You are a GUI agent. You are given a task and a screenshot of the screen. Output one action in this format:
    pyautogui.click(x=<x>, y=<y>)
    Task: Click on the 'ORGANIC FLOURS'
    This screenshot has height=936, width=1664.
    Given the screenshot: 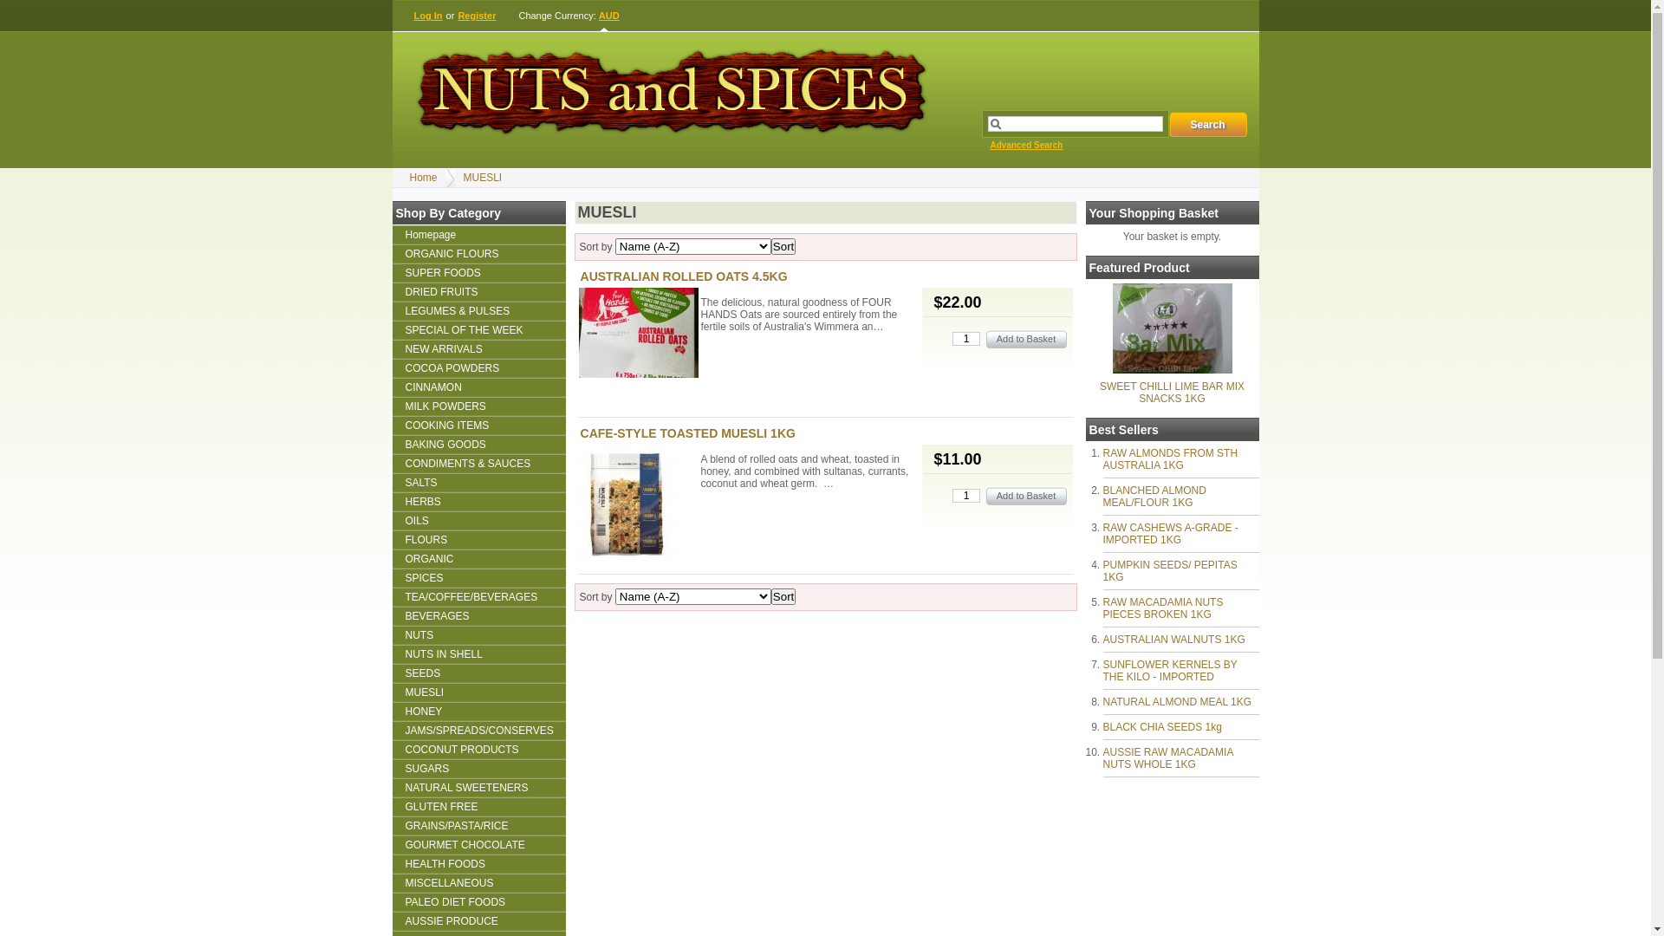 What is the action you would take?
    pyautogui.click(x=478, y=254)
    